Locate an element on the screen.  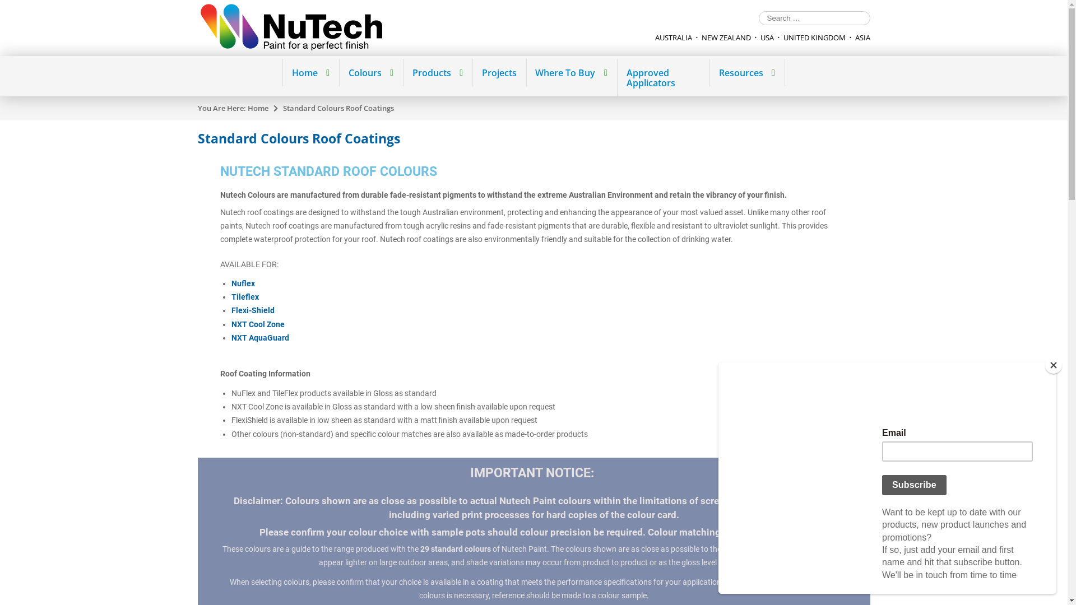
'Colours' is located at coordinates (370, 72).